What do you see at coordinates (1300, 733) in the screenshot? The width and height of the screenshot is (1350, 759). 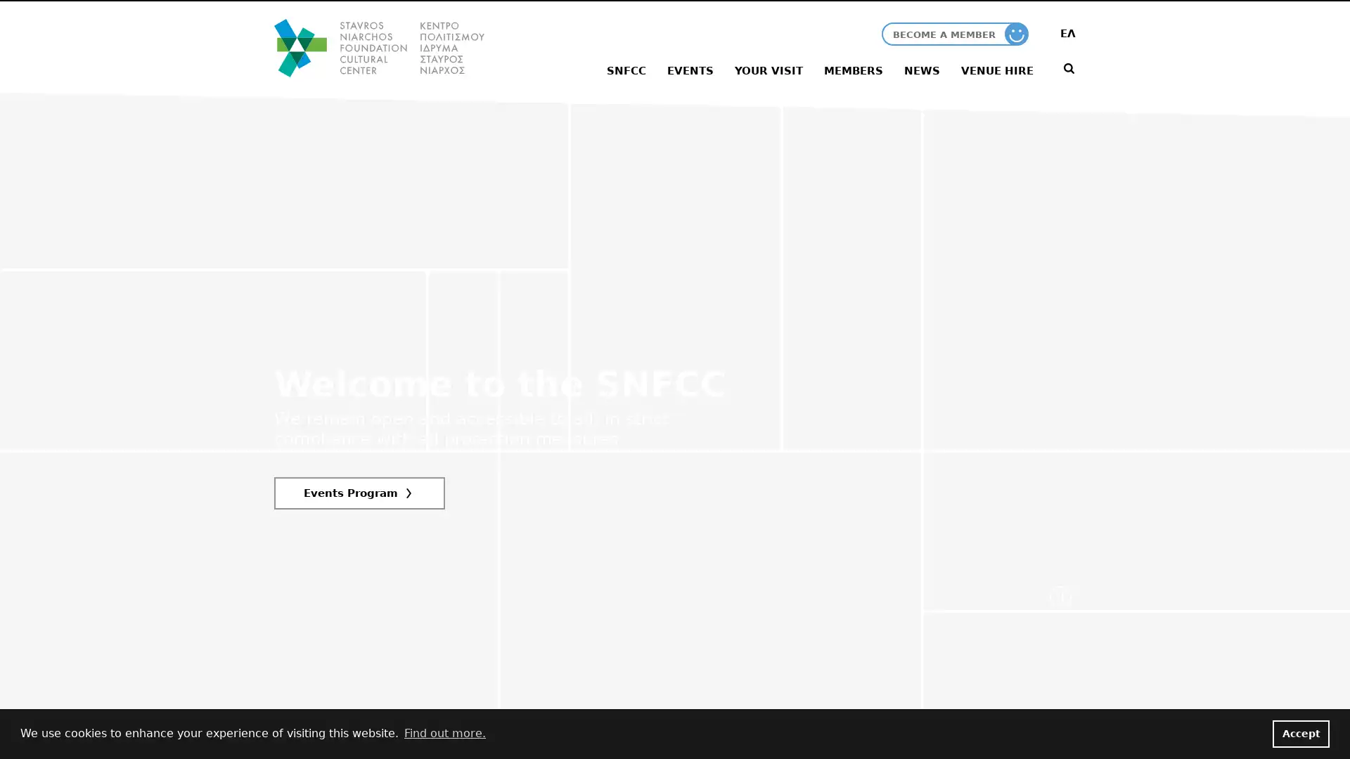 I see `dismiss cookie message` at bounding box center [1300, 733].